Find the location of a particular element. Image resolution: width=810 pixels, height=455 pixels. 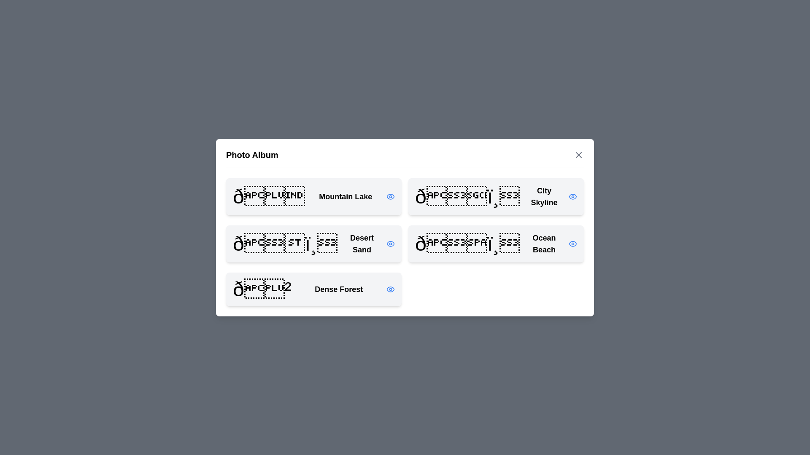

the photo titled City Skyline from the list is located at coordinates (496, 196).